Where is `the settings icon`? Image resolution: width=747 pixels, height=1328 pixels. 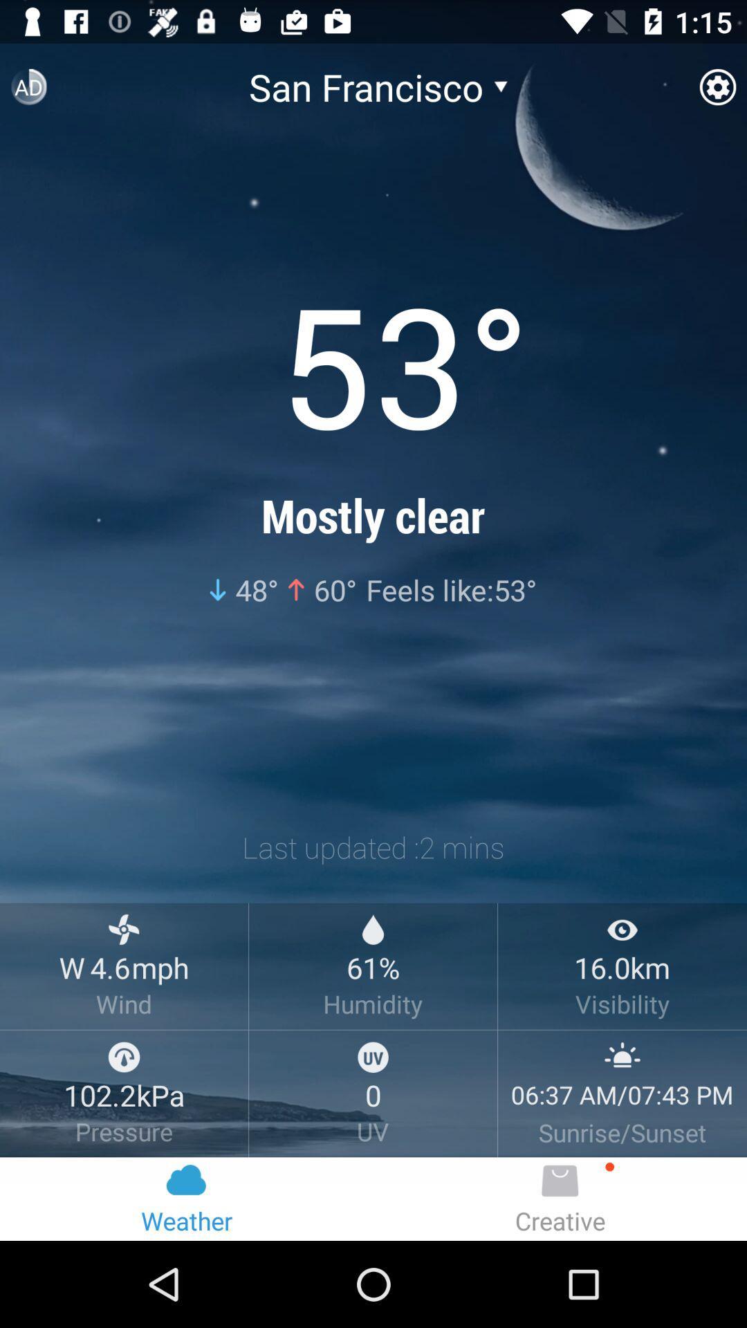 the settings icon is located at coordinates (717, 92).